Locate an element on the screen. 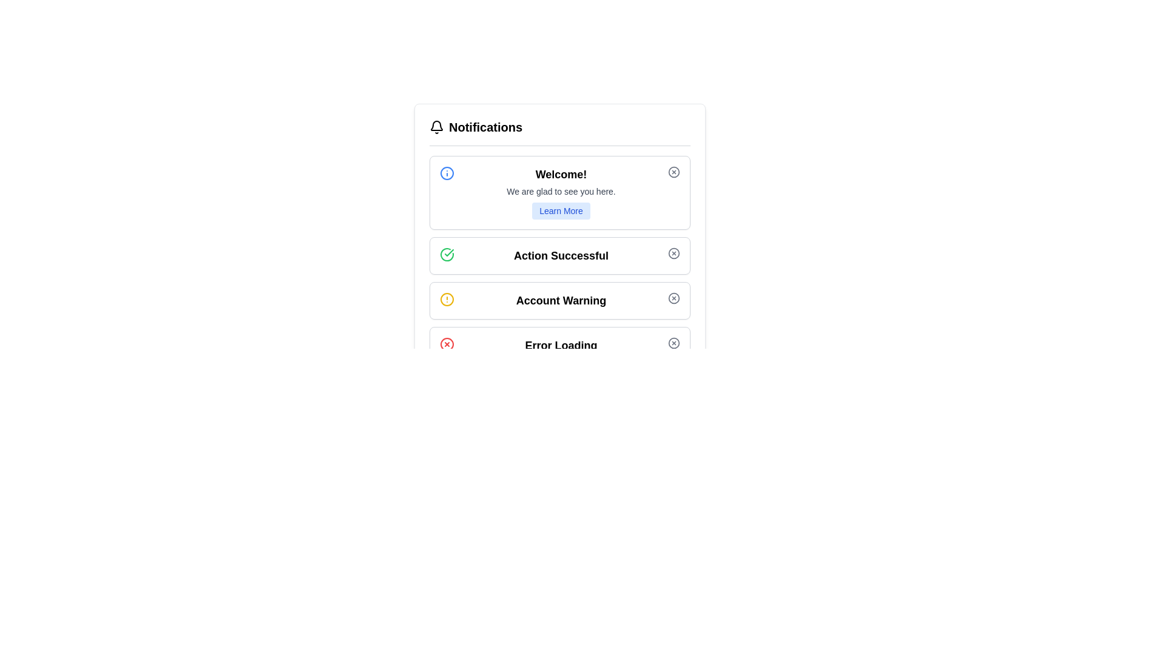 Image resolution: width=1165 pixels, height=655 pixels. the 'Learn More' button located in the top notification card beneath the heading 'Welcome!' is located at coordinates (561, 210).